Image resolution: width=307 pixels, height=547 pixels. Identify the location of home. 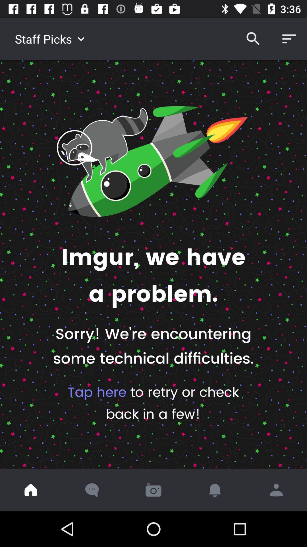
(31, 490).